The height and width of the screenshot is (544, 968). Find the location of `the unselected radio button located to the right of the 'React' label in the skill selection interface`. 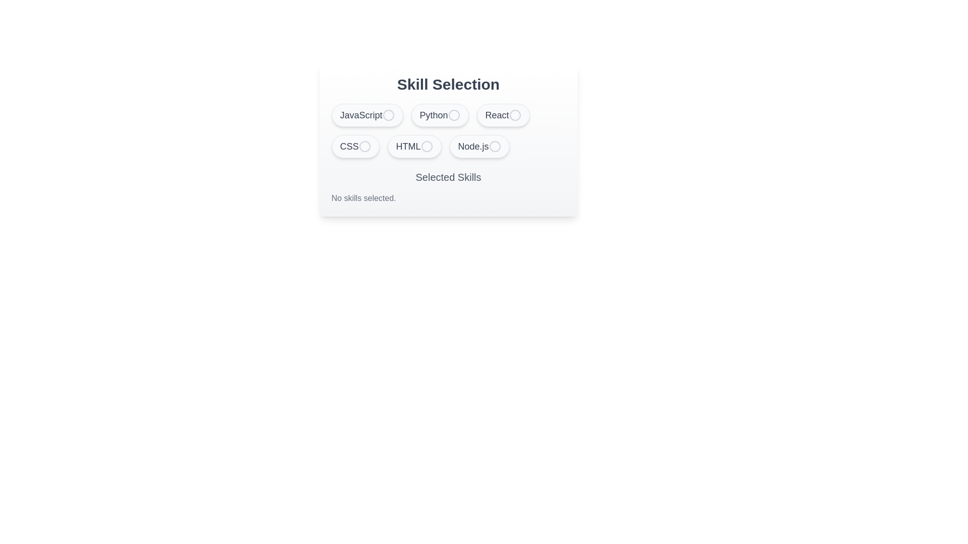

the unselected radio button located to the right of the 'React' label in the skill selection interface is located at coordinates (515, 114).